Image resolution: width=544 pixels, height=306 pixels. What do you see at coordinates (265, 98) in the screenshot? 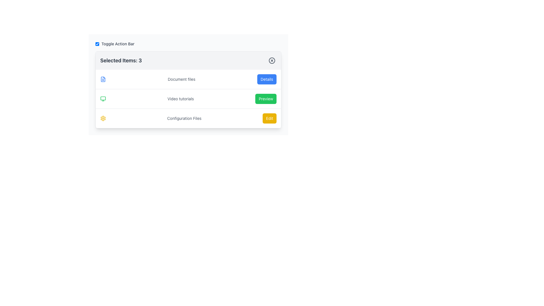
I see `the 'preview' button in the 'Video tutorials' section to change its background color` at bounding box center [265, 98].